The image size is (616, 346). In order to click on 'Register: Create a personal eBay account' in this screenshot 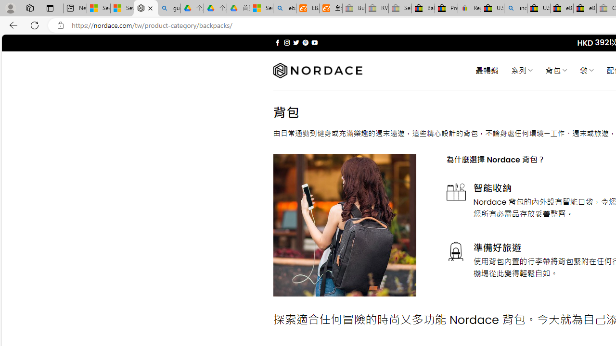, I will do `click(470, 8)`.